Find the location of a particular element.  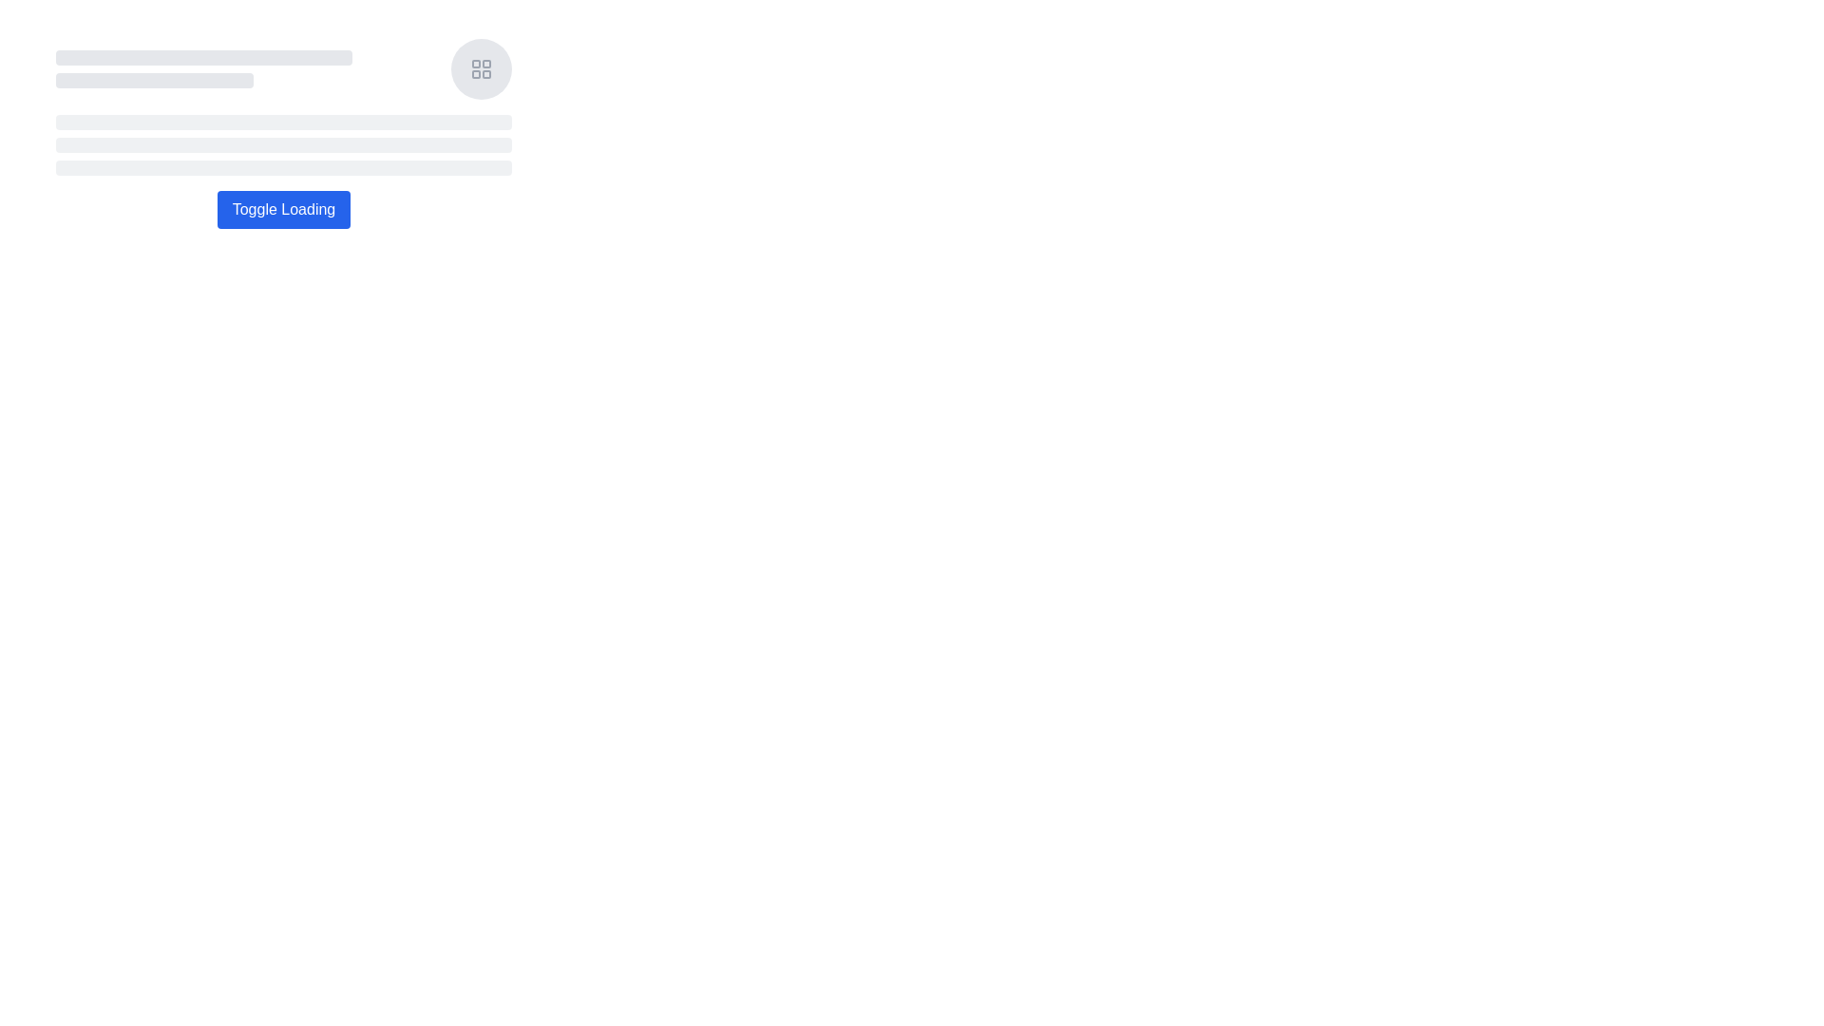

the horizontal bar containing two rows of rectangular shapes on the left and a circular grid button on the right is located at coordinates (282, 68).